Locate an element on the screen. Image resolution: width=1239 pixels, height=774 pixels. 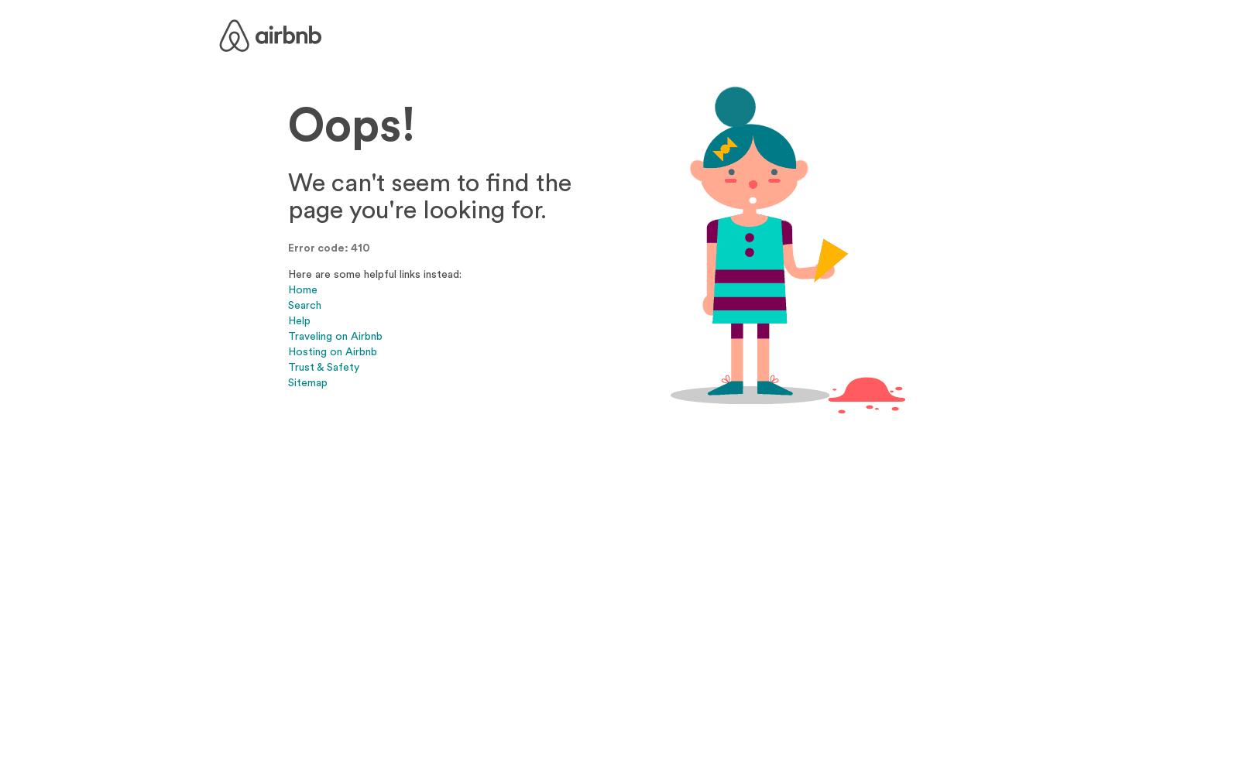
'Traveling on Airbnb' is located at coordinates (334, 335).